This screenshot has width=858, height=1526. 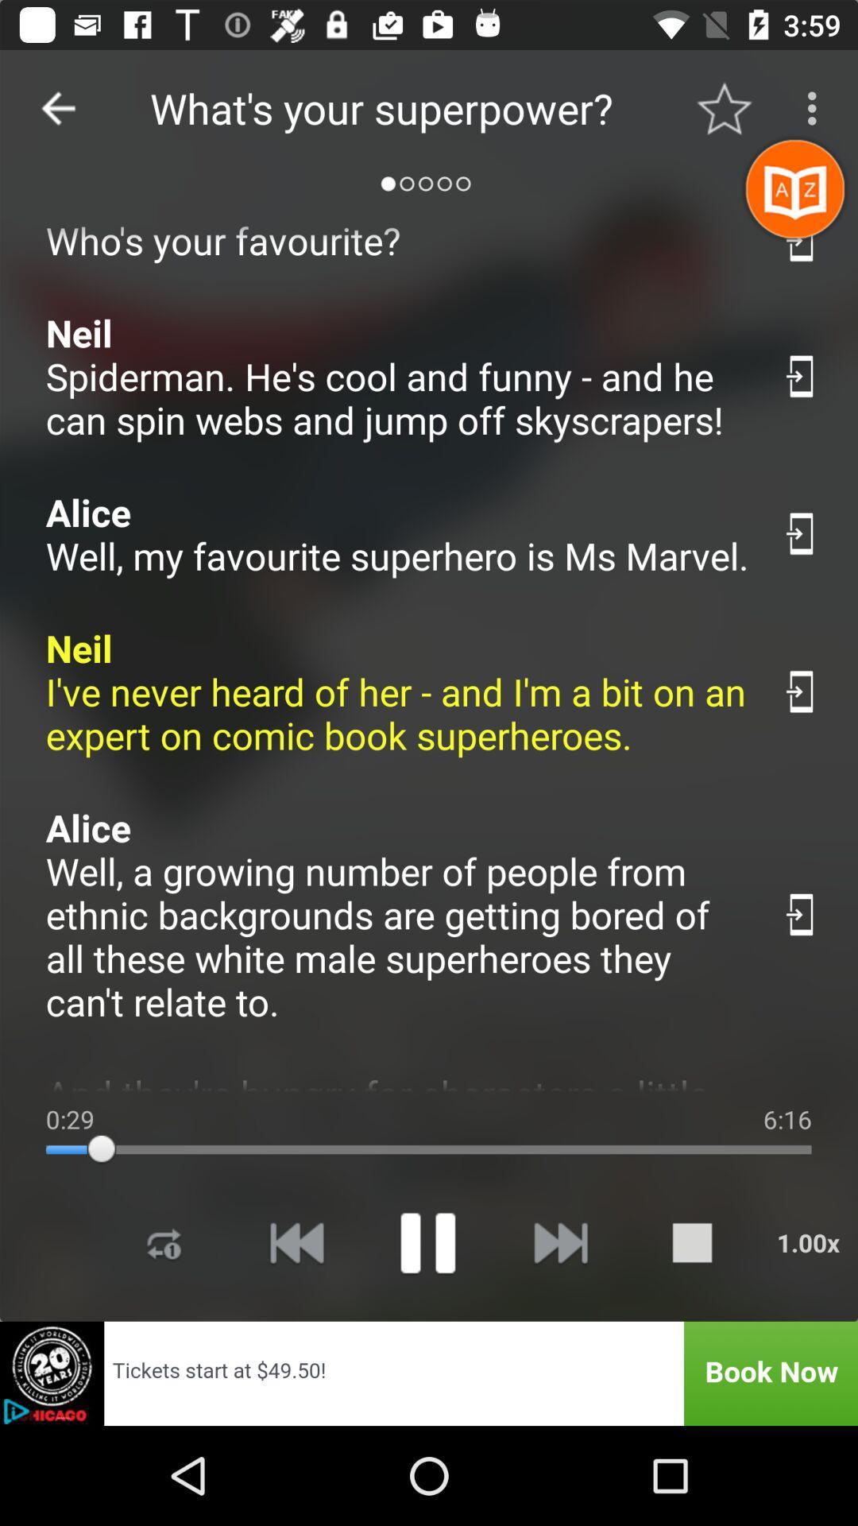 I want to click on open advertisement banner, so click(x=429, y=1373).